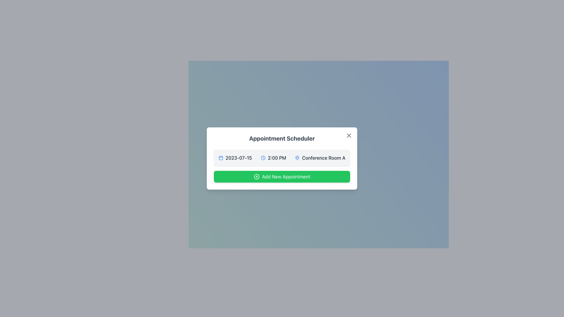 This screenshot has width=564, height=317. I want to click on the Text Label with an Icon that displays the location of an event or appointment, located in the Appointment Scheduler modal, so click(320, 157).